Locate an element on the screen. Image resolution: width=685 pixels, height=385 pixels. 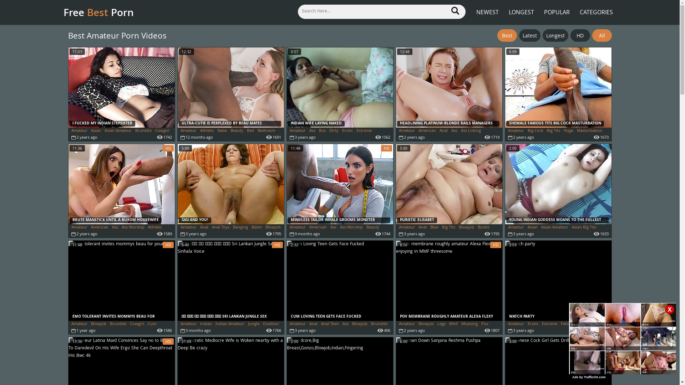
'Outdoor' is located at coordinates (270, 324).